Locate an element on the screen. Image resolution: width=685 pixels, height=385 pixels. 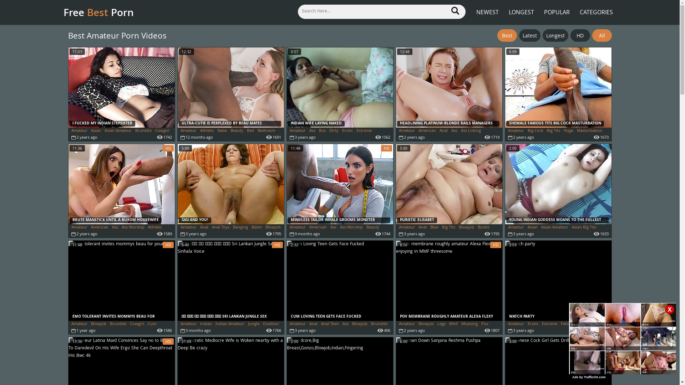
'Outdoor' is located at coordinates (270, 324).